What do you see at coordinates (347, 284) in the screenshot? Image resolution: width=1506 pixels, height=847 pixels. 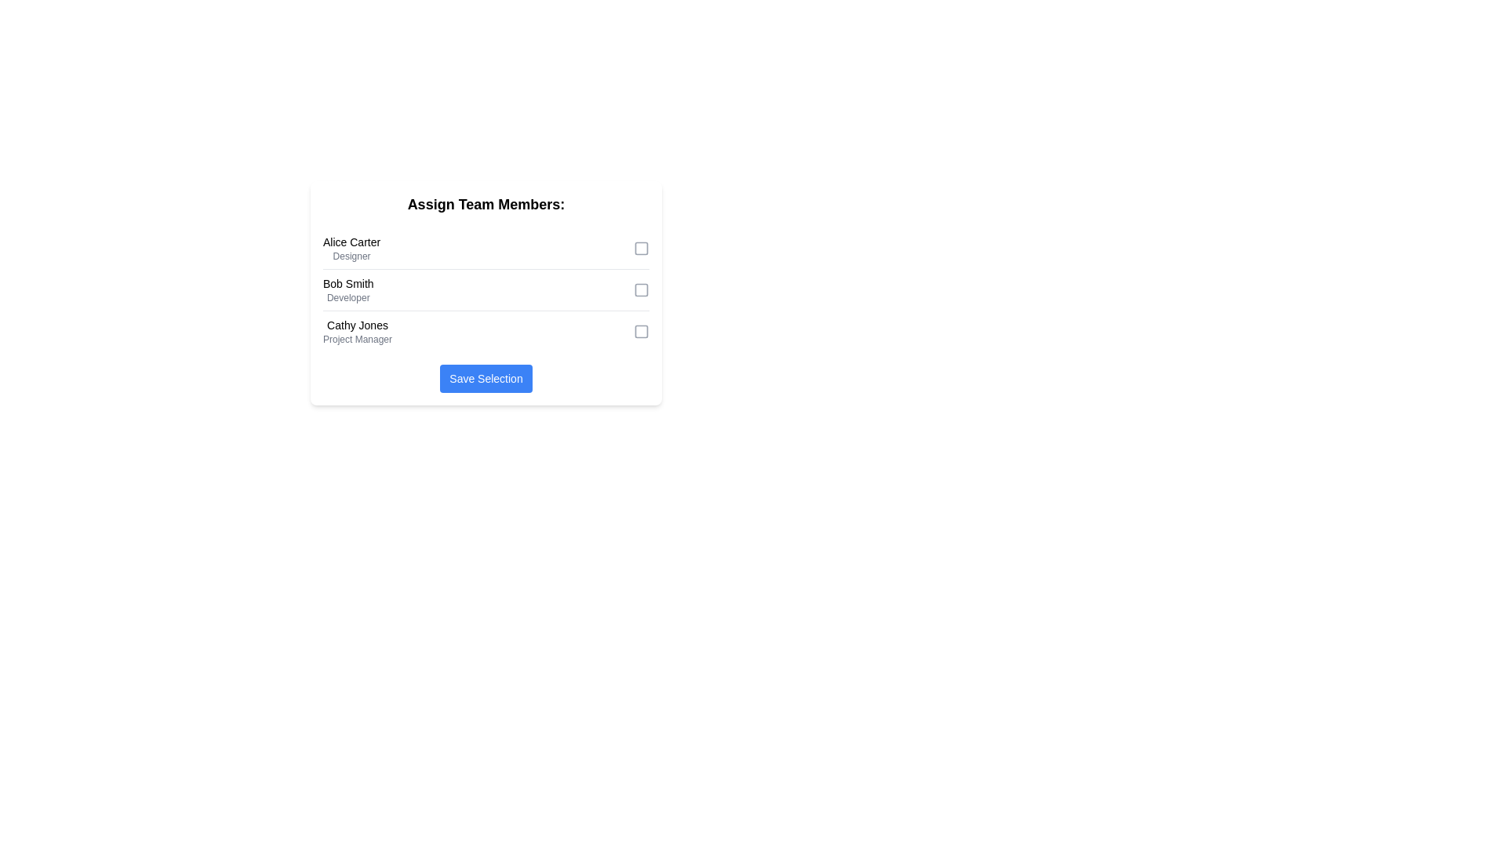 I see `the text label displaying the name 'Bob Smith' which is in bold black font, located above the role description 'Developer'` at bounding box center [347, 284].